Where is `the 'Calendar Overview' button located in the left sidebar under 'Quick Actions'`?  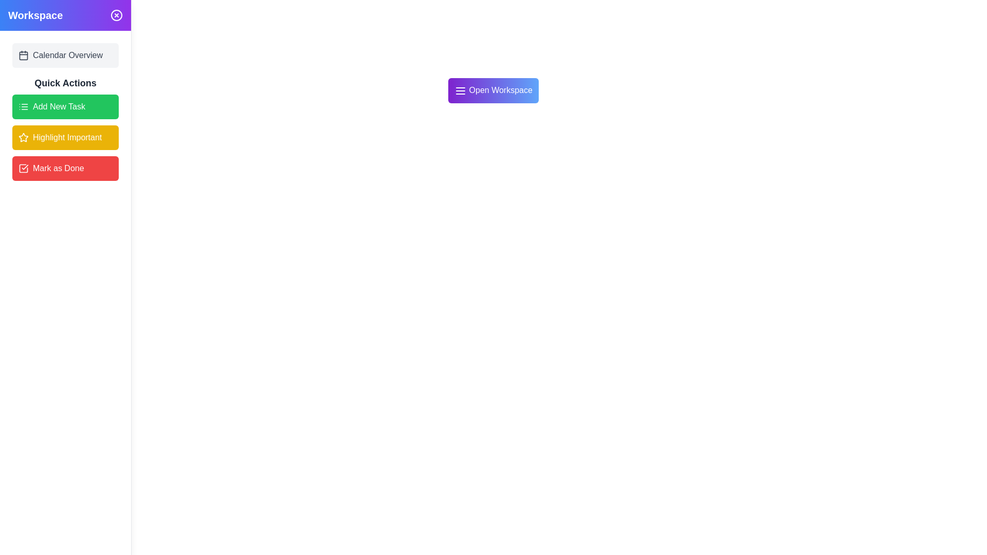 the 'Calendar Overview' button located in the left sidebar under 'Quick Actions' is located at coordinates (65, 55).